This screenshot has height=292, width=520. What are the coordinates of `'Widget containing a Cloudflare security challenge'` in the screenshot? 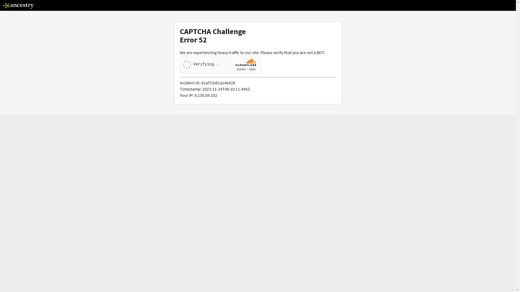 It's located at (220, 64).